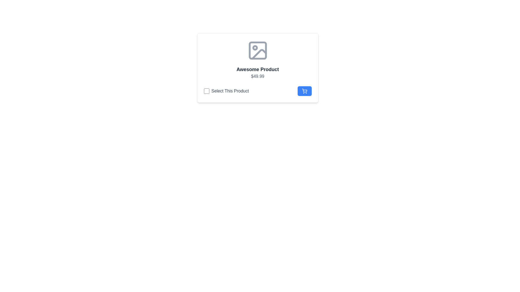 This screenshot has width=520, height=292. Describe the element at coordinates (206, 91) in the screenshot. I see `the checkbox for 'Awesome Product' to possibly reveal the tooltip` at that location.